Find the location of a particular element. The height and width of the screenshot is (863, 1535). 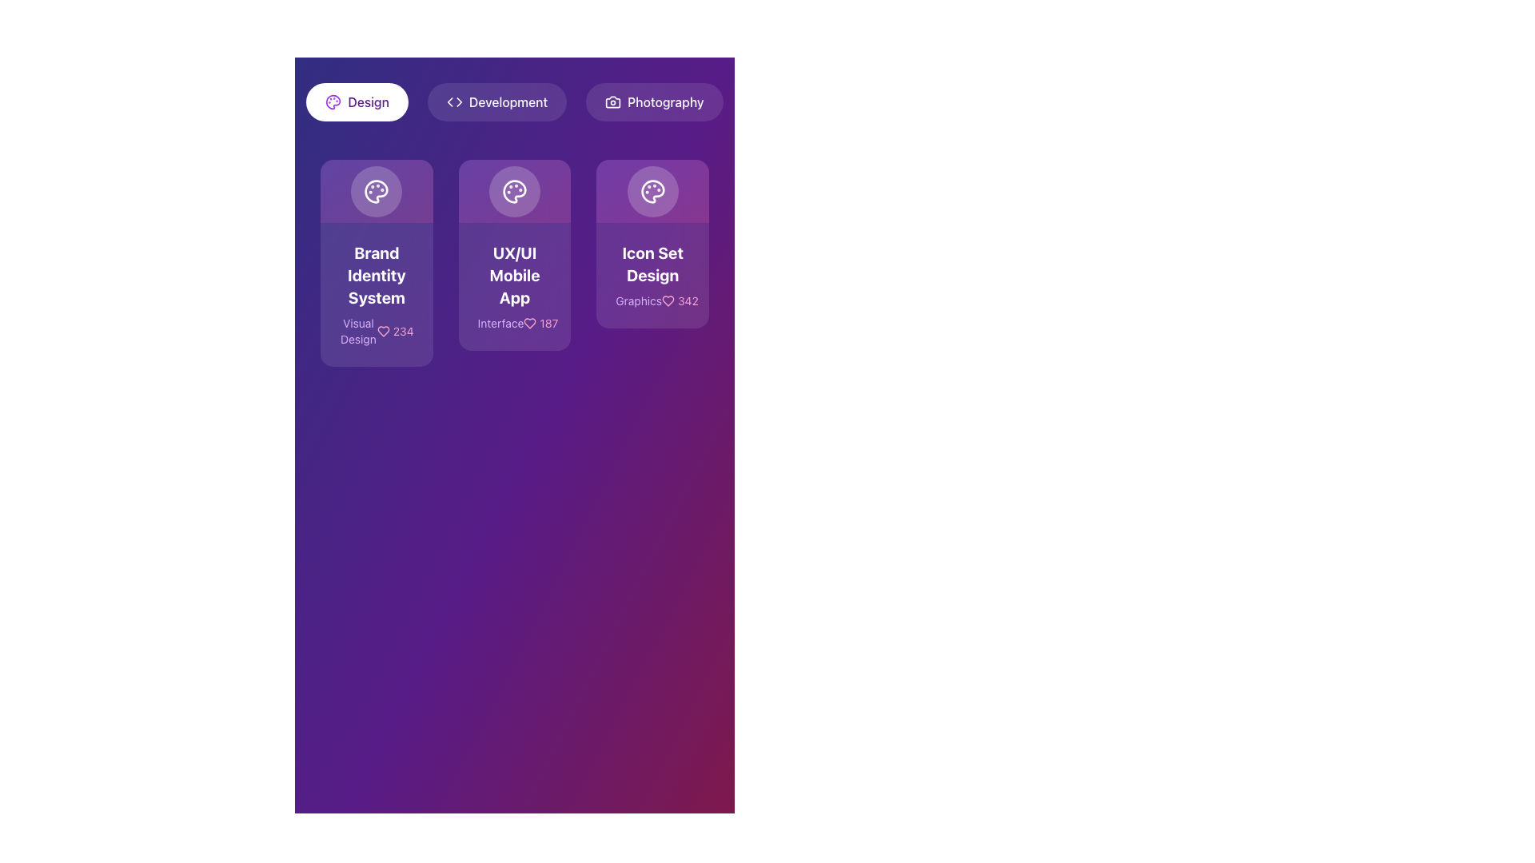

the left arrow icon, which is part of an SVG group of icons is located at coordinates (449, 101).